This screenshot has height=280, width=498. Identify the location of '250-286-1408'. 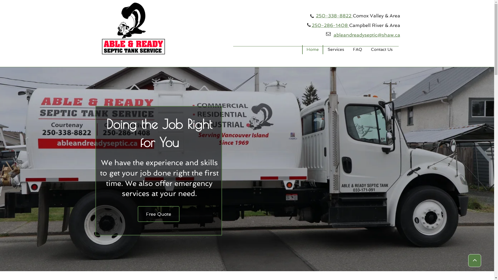
(311, 25).